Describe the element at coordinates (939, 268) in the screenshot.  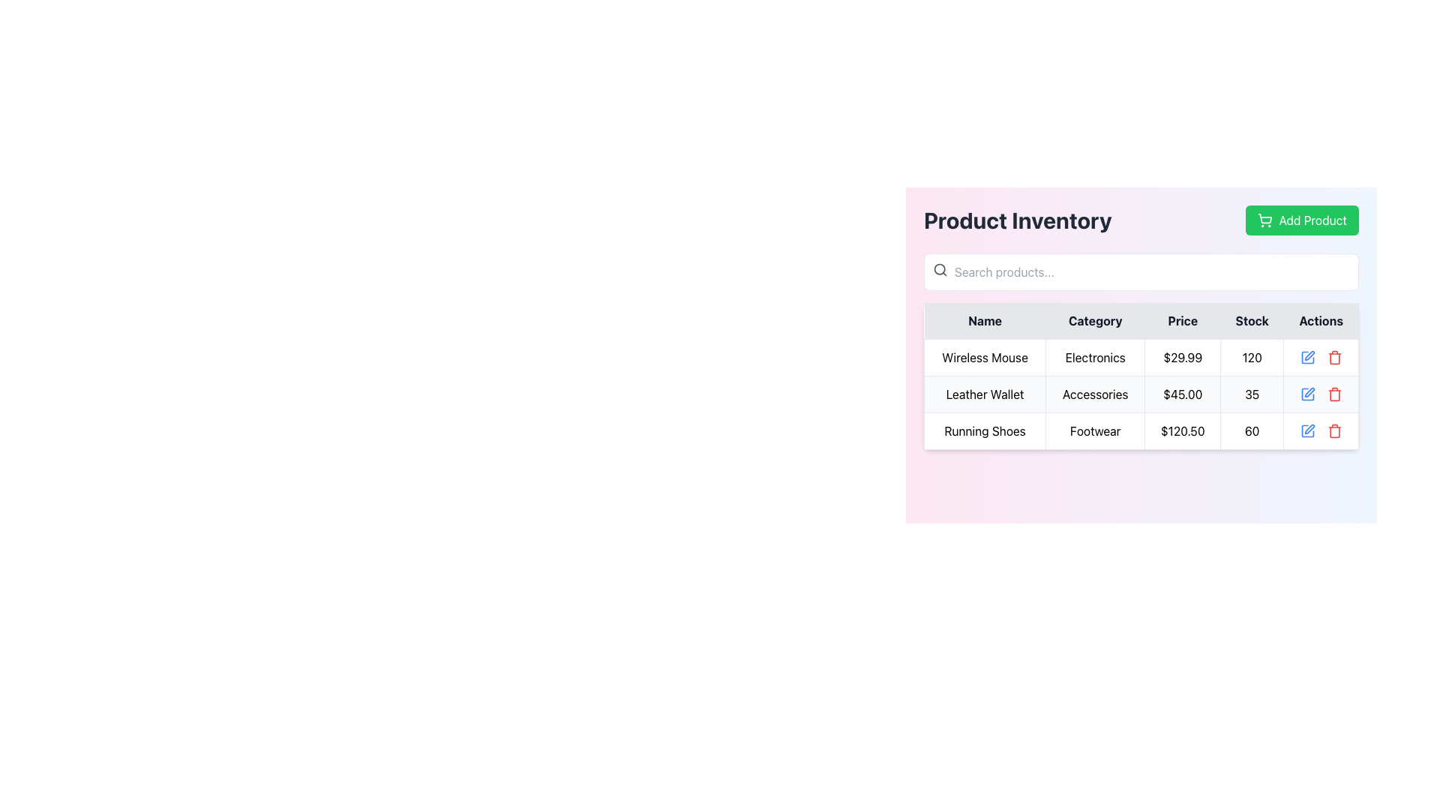
I see `the graphical SVG circle element that represents the lens of the magnifying glass in the search icon, located at the top-left corner of the search bar` at that location.